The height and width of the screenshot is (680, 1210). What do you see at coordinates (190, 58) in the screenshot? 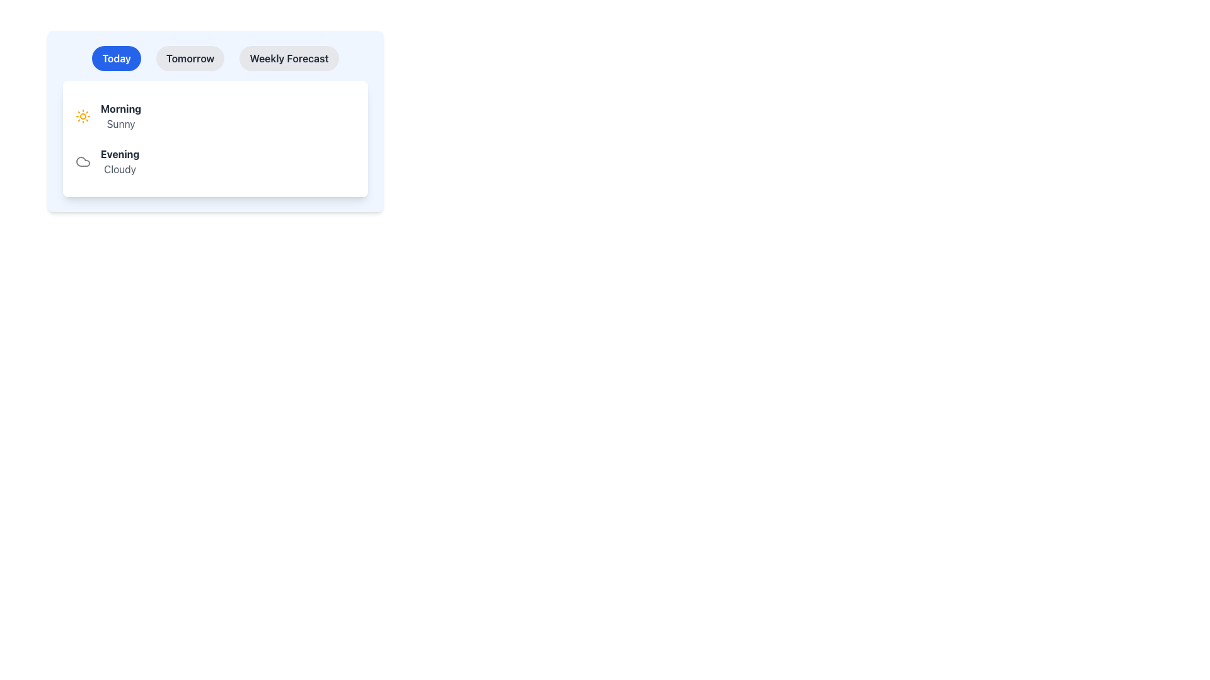
I see `the second button in the horizontal alignment, which is used` at bounding box center [190, 58].